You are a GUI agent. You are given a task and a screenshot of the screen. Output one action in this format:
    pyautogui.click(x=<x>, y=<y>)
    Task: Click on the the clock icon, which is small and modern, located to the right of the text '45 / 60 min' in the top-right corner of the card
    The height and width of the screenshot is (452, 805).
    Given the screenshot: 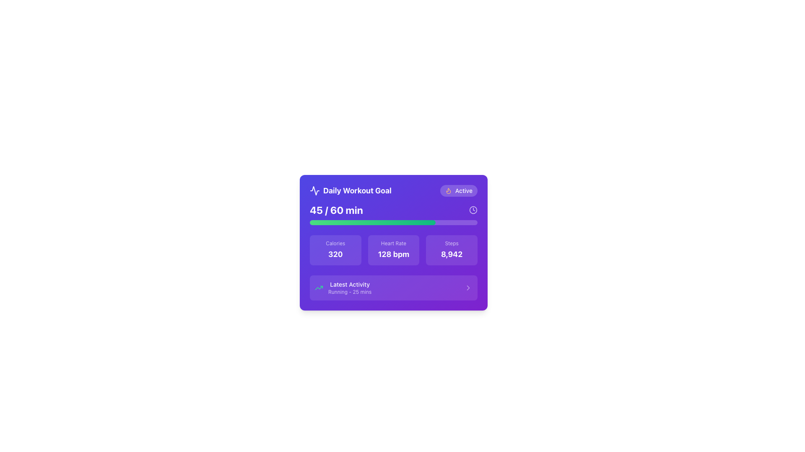 What is the action you would take?
    pyautogui.click(x=473, y=209)
    